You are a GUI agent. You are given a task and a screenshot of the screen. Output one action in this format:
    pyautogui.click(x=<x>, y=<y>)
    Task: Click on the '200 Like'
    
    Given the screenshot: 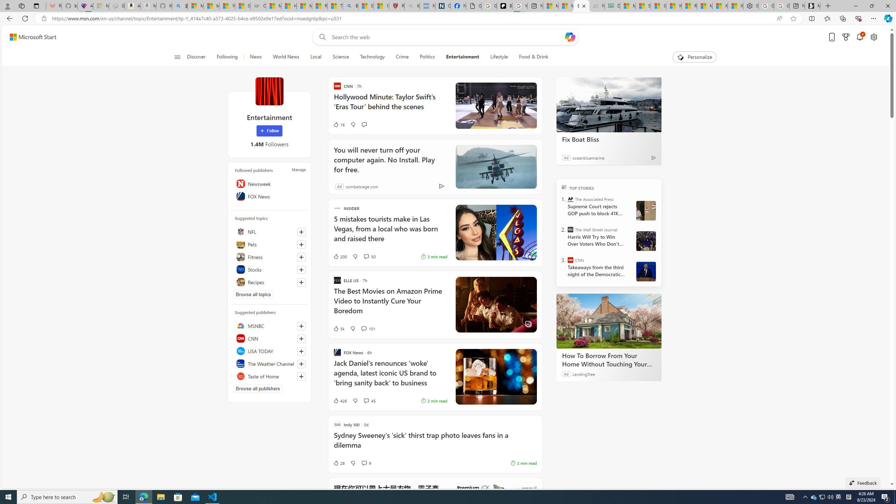 What is the action you would take?
    pyautogui.click(x=339, y=256)
    